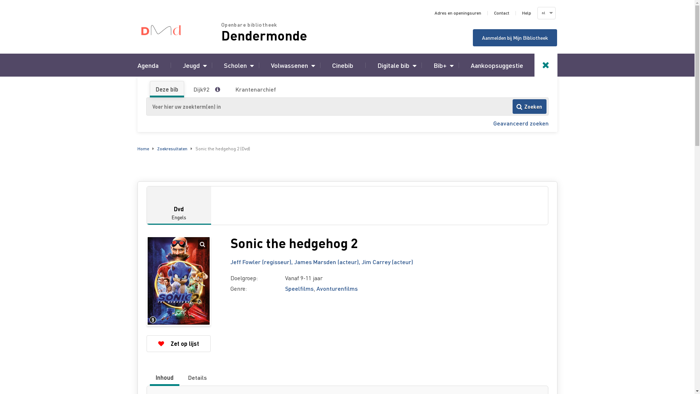  I want to click on 'Zoekresultaten', so click(171, 148).